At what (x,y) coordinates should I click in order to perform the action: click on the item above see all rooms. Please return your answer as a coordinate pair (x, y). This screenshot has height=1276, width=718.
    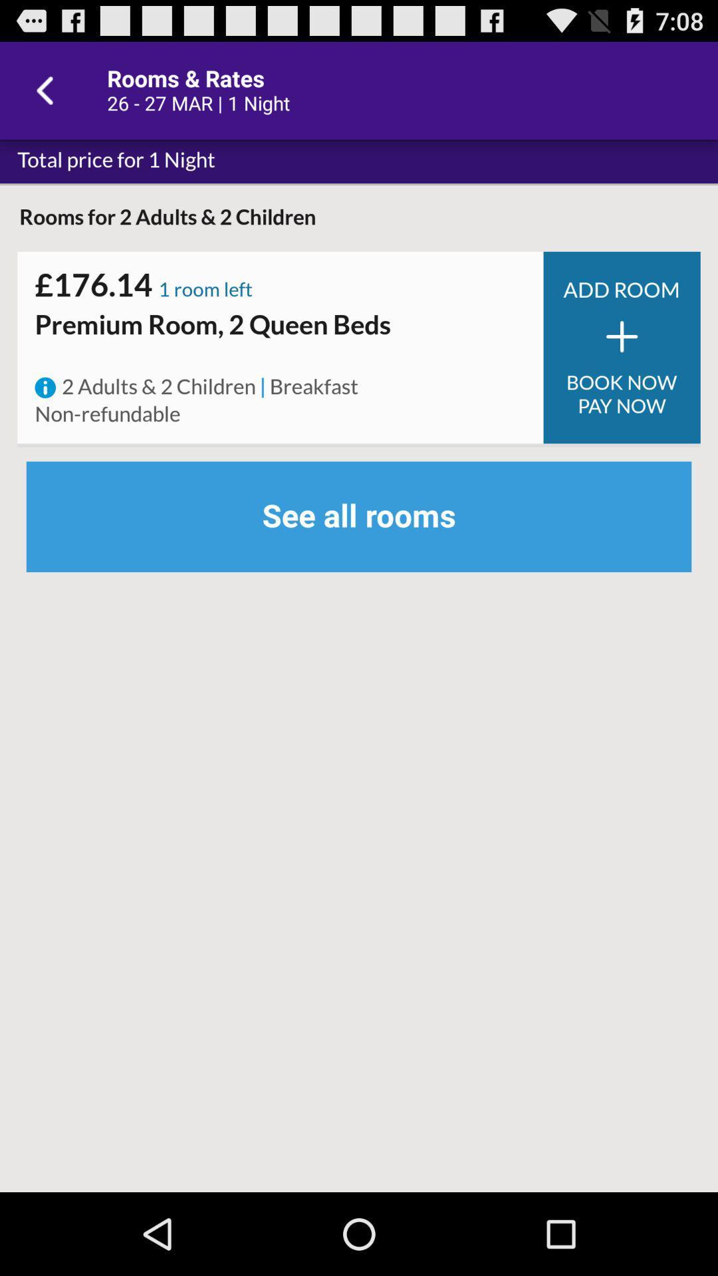
    Looking at the image, I should click on (314, 387).